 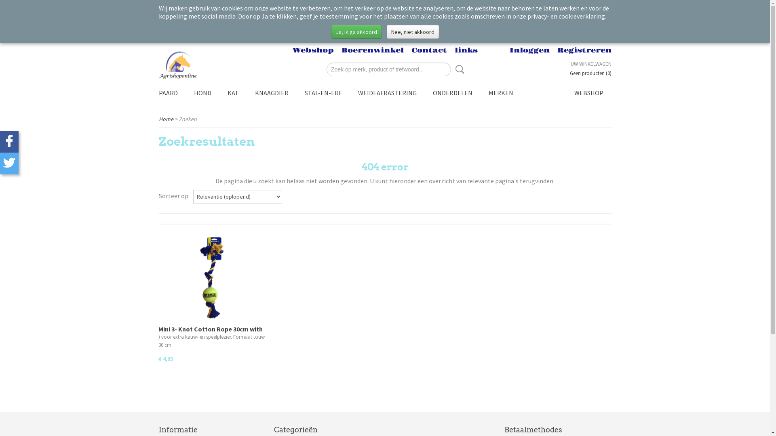 I want to click on 'KNAAGDIER', so click(x=271, y=92).